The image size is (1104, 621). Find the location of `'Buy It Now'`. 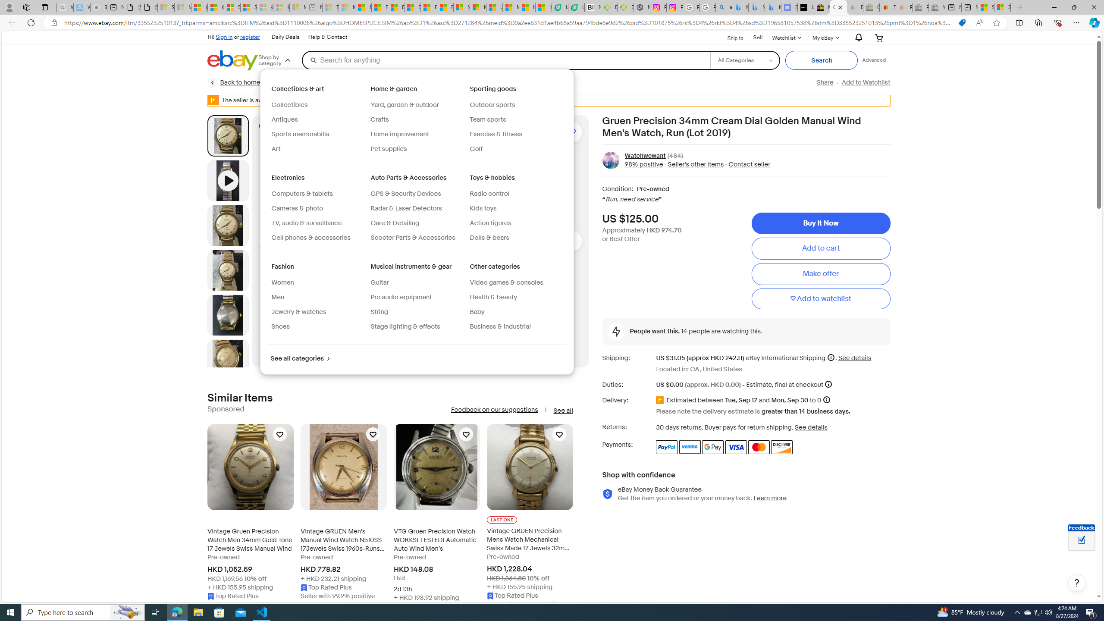

'Buy It Now' is located at coordinates (821, 223).